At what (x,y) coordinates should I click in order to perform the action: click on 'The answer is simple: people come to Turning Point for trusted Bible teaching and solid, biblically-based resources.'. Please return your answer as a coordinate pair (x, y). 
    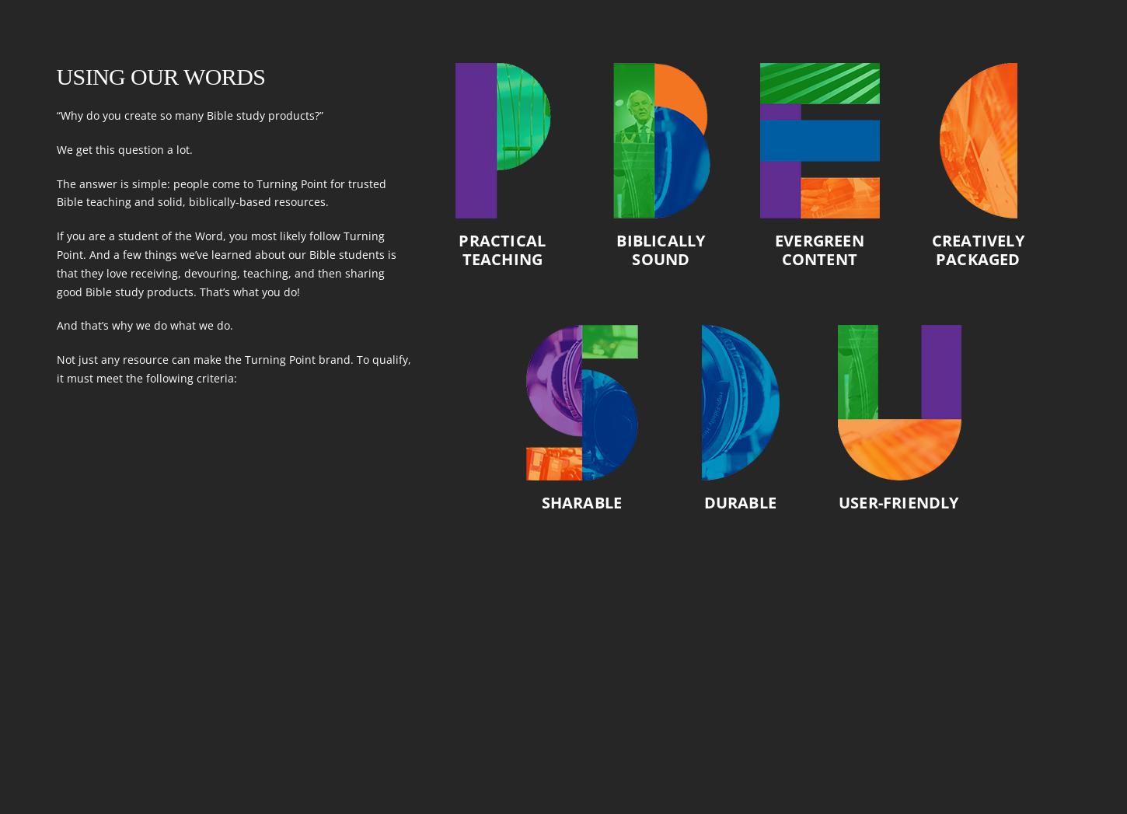
    Looking at the image, I should click on (56, 192).